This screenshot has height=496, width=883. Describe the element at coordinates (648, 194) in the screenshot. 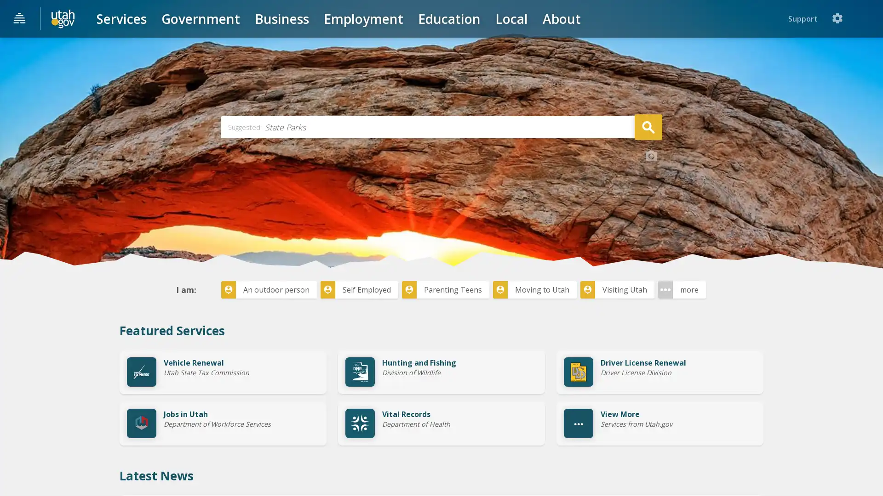

I see `Search` at that location.